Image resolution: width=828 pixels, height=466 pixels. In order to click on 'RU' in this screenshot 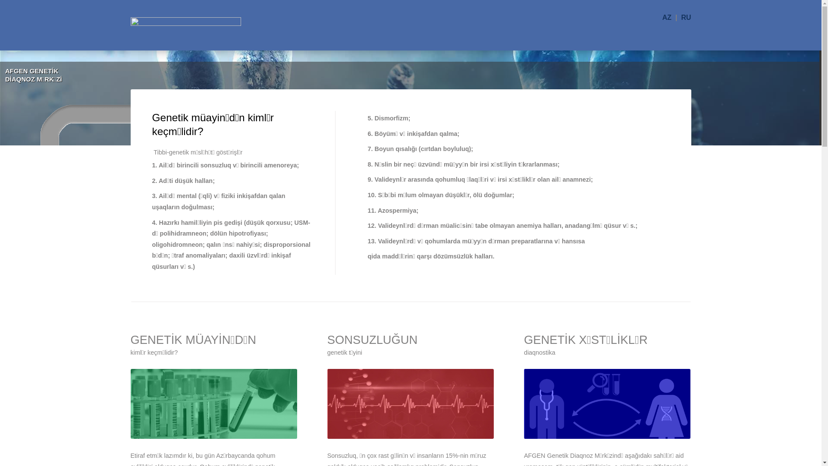, I will do `click(685, 17)`.